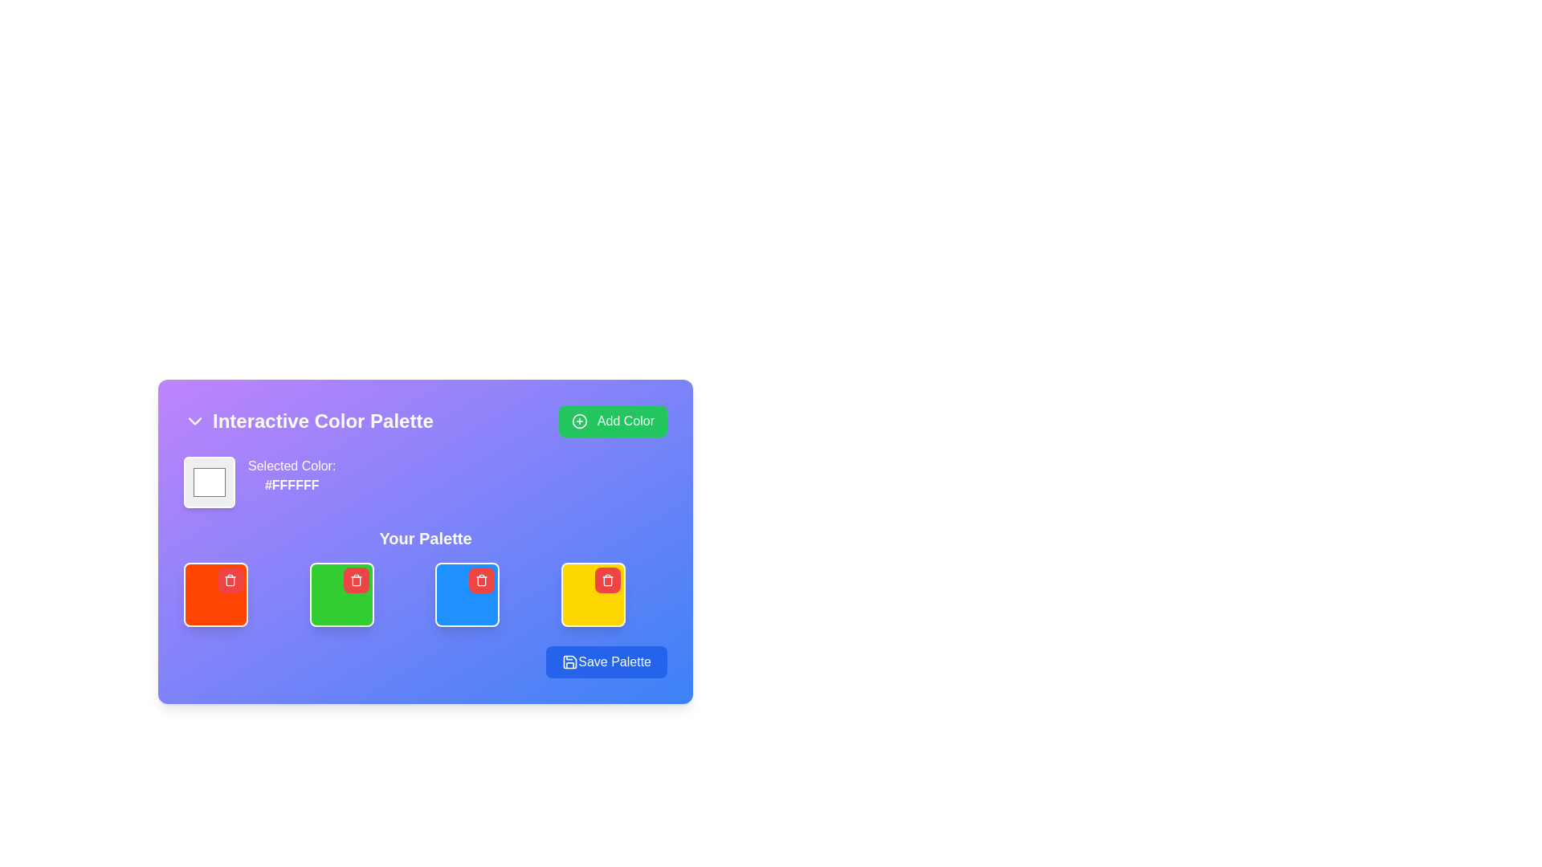 The width and height of the screenshot is (1542, 867). What do you see at coordinates (230, 580) in the screenshot?
I see `the trash can icon, which is a red icon with rounded edges located in the top-right corner of the red-colored tile in 'Your Palette', and focus on it using keyboard navigation` at bounding box center [230, 580].